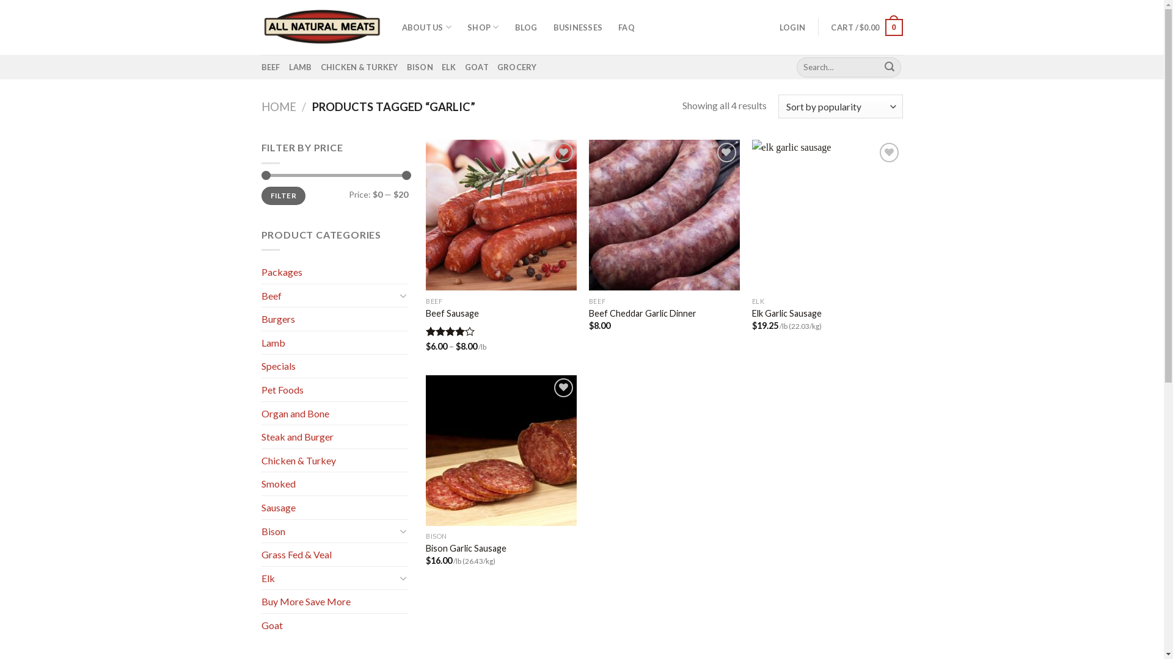 The width and height of the screenshot is (1173, 659). Describe the element at coordinates (328, 296) in the screenshot. I see `'Beef'` at that location.